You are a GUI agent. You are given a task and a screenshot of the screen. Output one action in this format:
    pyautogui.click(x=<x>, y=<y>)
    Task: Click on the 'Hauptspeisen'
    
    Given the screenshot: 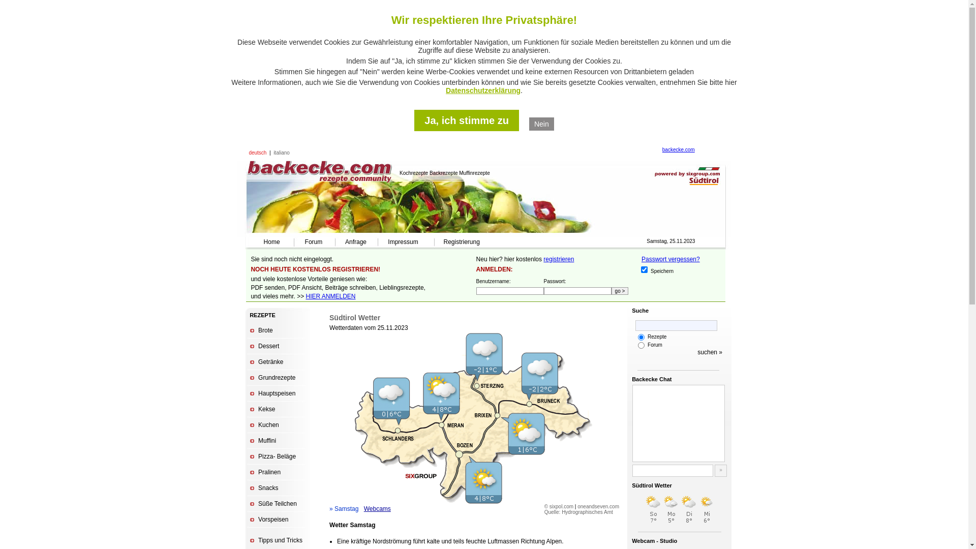 What is the action you would take?
    pyautogui.click(x=277, y=393)
    